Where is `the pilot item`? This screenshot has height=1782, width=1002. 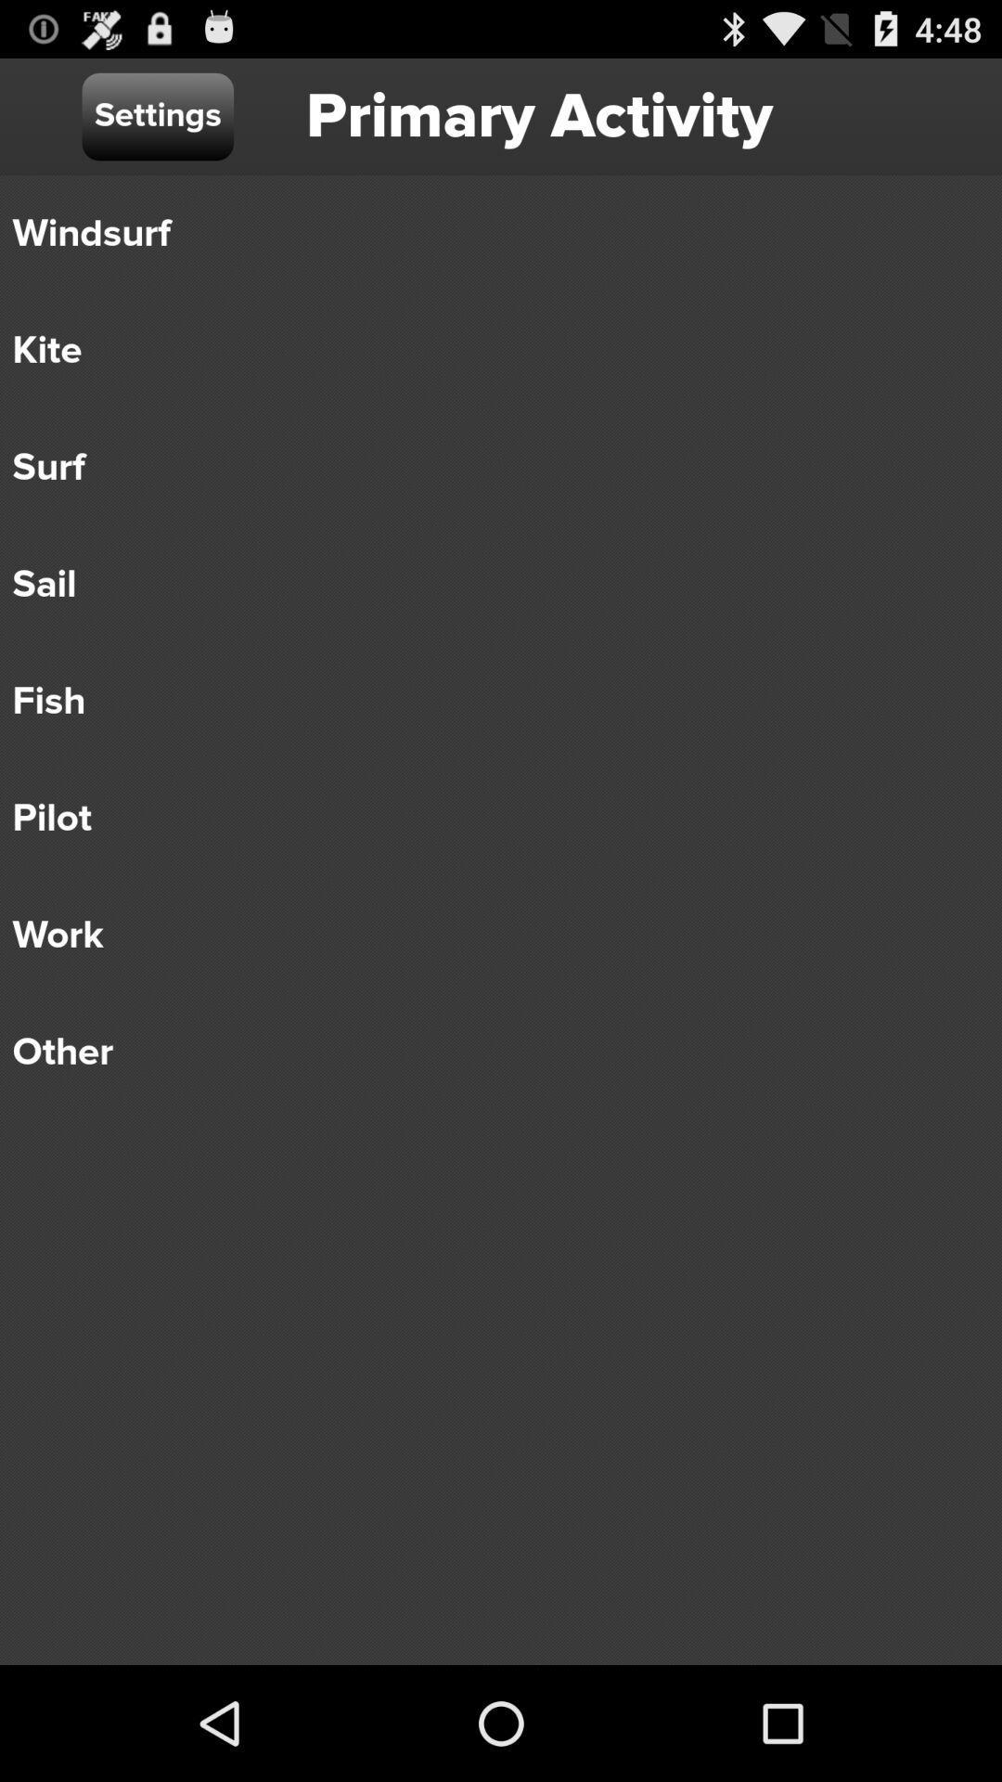 the pilot item is located at coordinates (487, 818).